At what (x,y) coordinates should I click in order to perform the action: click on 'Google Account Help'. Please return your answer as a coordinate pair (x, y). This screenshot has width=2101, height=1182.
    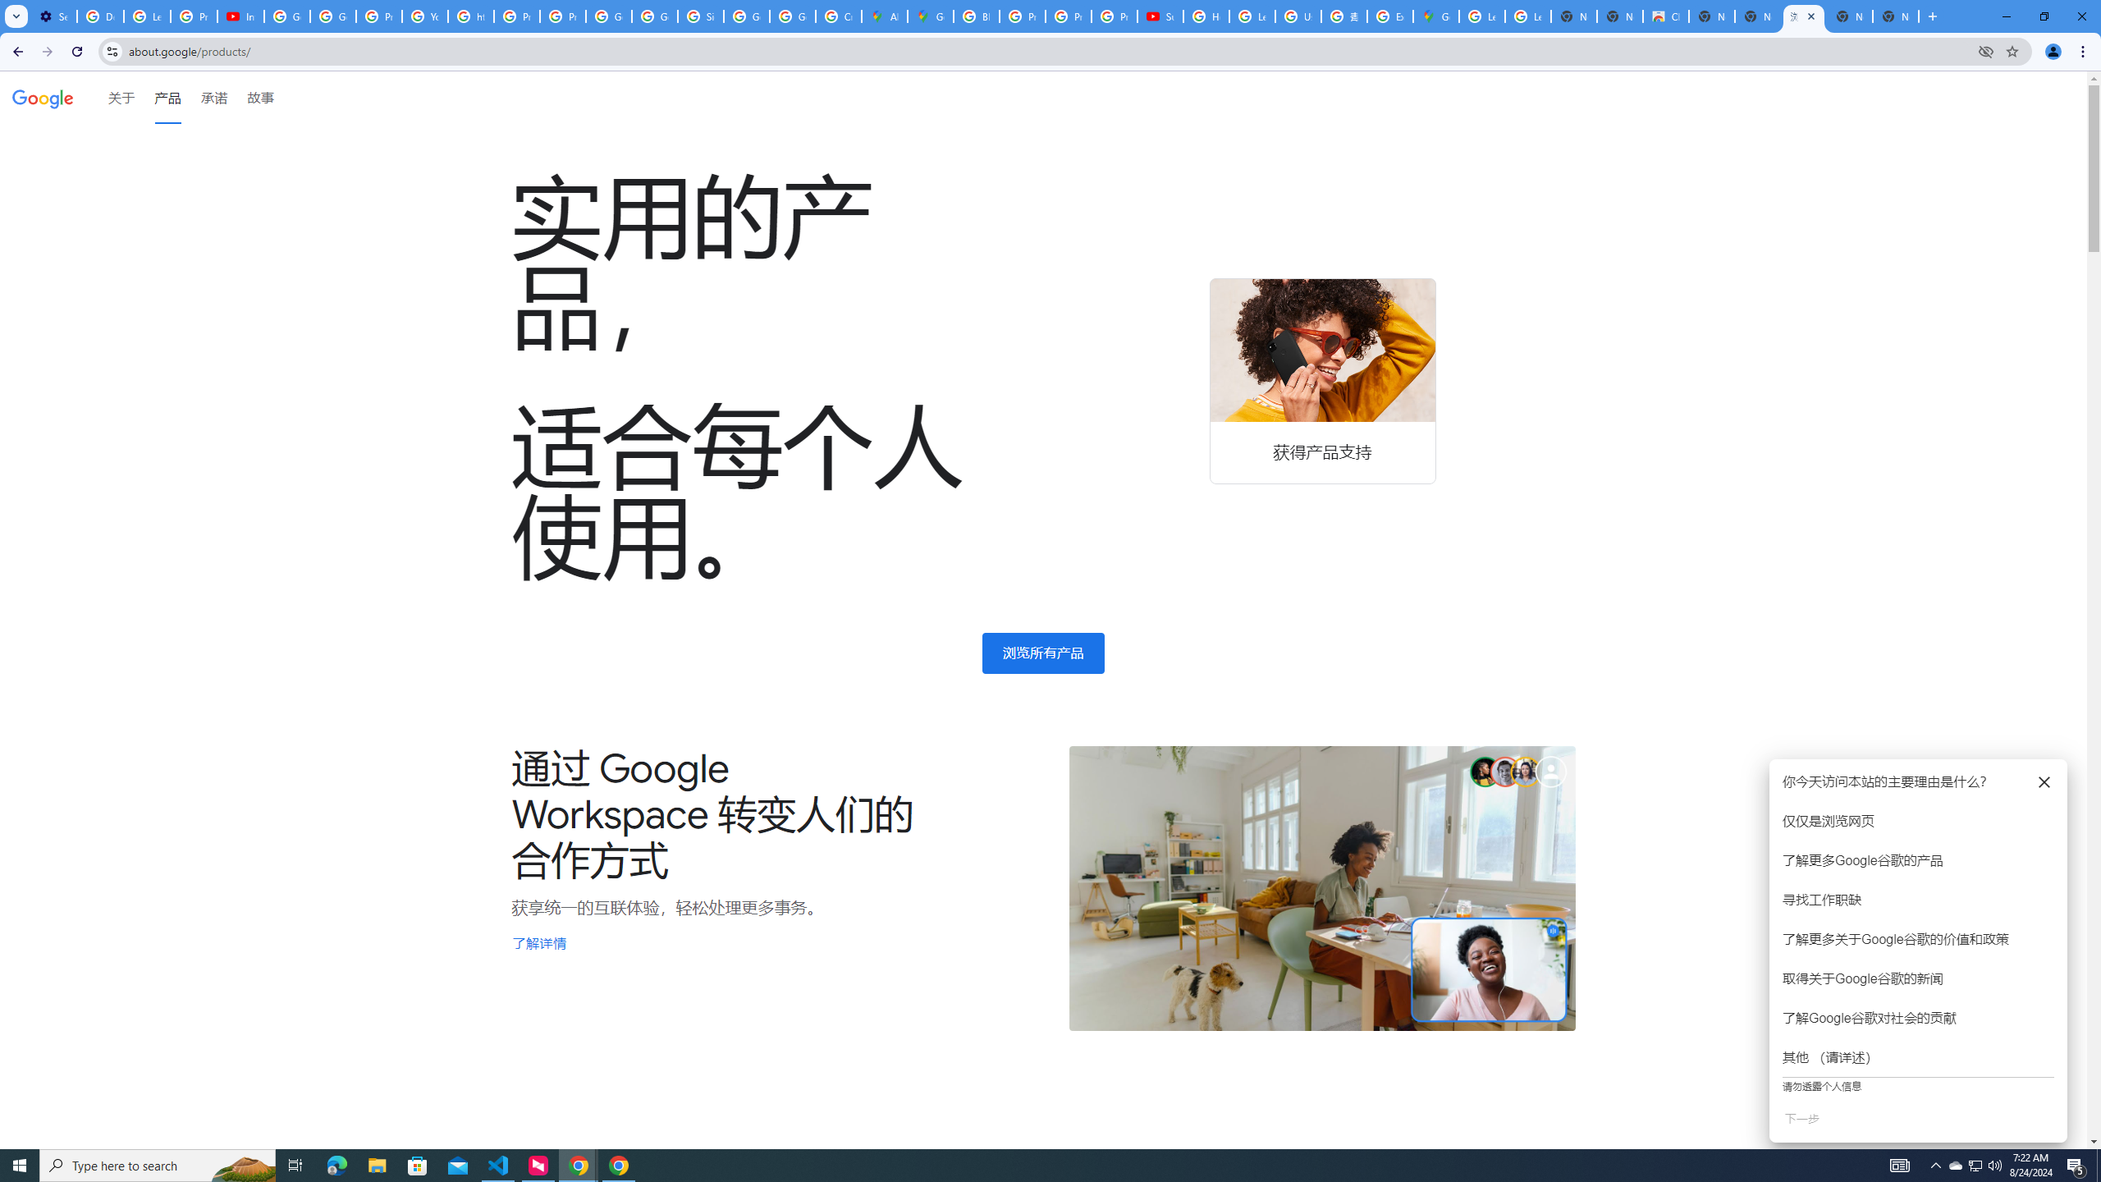
    Looking at the image, I should click on (286, 16).